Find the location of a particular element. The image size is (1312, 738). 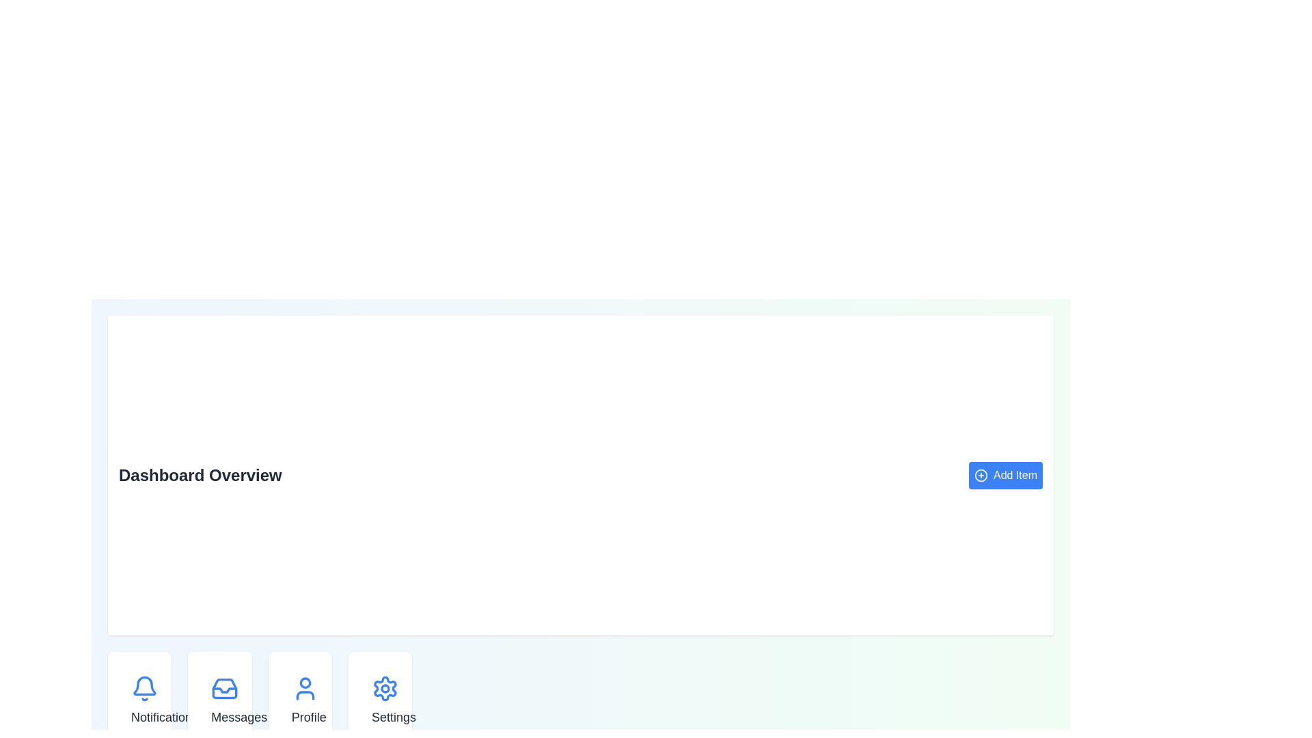

the 'Messages' text label in the navigation bar, which indicates the section for accessing messages, located below the envelope icon and aligned with 'Notification,' 'Profile,' and 'Settings.' is located at coordinates (239, 716).